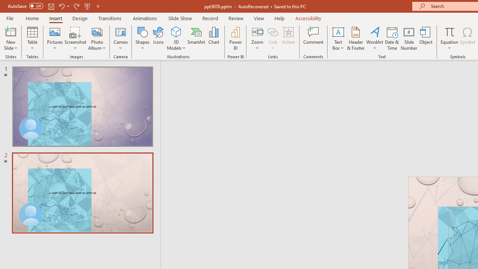 The image size is (478, 269). Describe the element at coordinates (355, 38) in the screenshot. I see `'Header & Footer...'` at that location.